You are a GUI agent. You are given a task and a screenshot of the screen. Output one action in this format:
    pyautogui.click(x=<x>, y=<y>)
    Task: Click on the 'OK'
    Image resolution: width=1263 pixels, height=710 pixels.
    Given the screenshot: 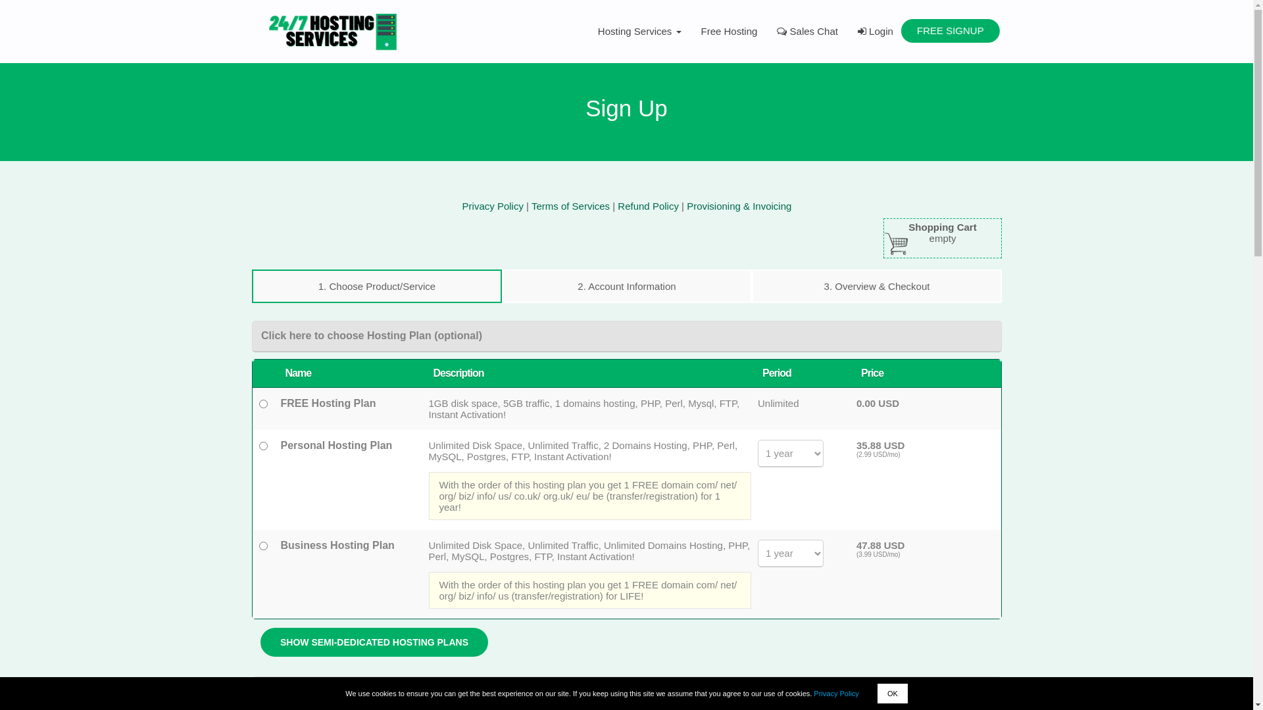 What is the action you would take?
    pyautogui.click(x=878, y=693)
    